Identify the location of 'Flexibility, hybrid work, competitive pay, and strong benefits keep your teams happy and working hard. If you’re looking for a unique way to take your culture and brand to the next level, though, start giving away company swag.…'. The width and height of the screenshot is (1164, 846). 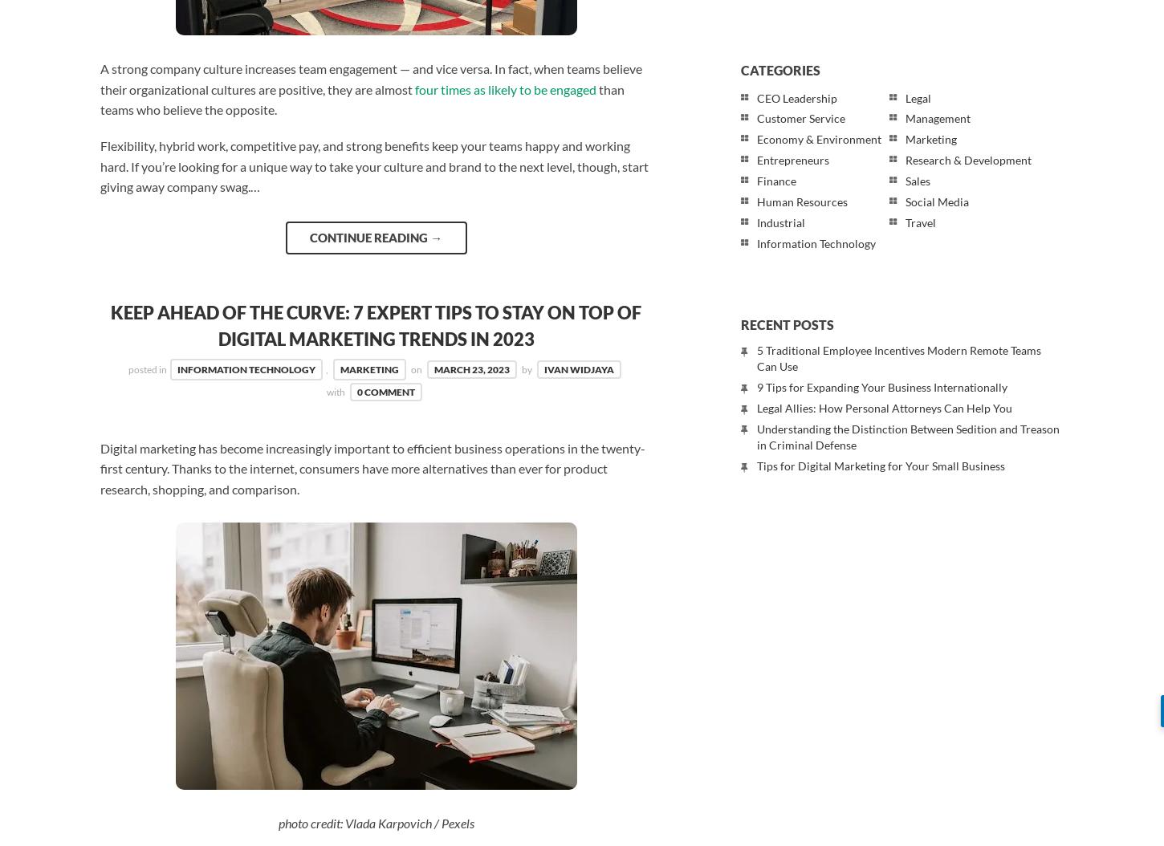
(373, 165).